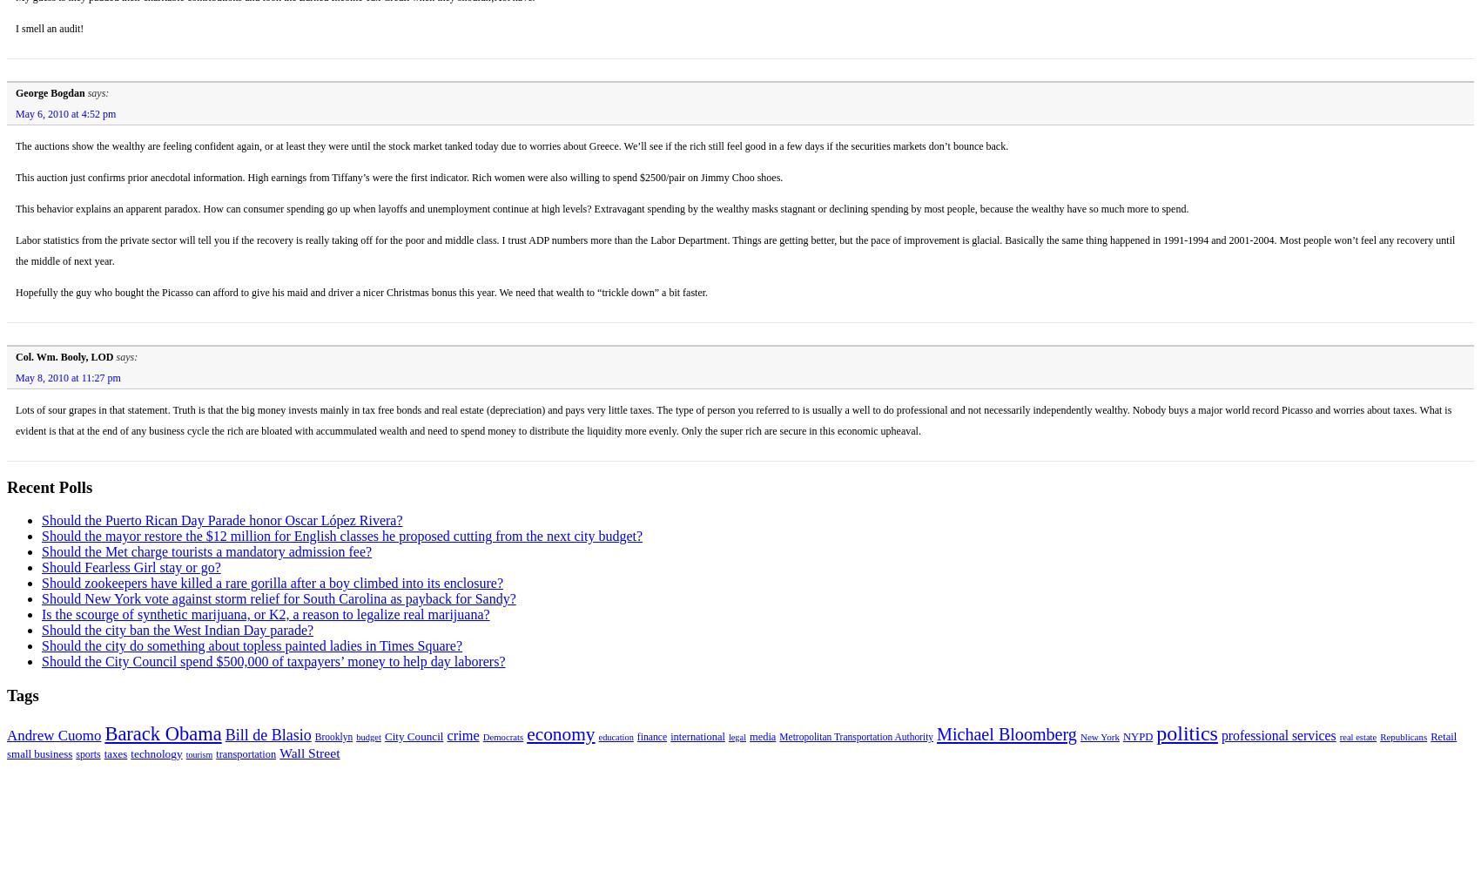 The width and height of the screenshot is (1481, 871). I want to click on 'Brooklyn', so click(313, 735).